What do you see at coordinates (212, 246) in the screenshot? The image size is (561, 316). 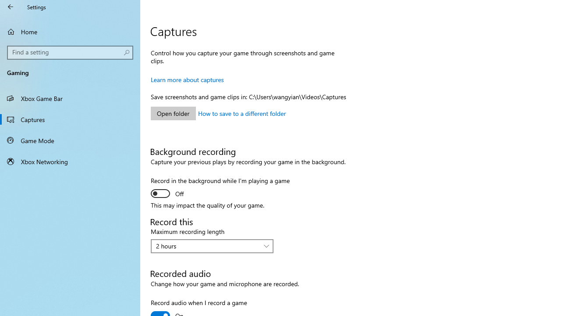 I see `'Maximum recording length'` at bounding box center [212, 246].